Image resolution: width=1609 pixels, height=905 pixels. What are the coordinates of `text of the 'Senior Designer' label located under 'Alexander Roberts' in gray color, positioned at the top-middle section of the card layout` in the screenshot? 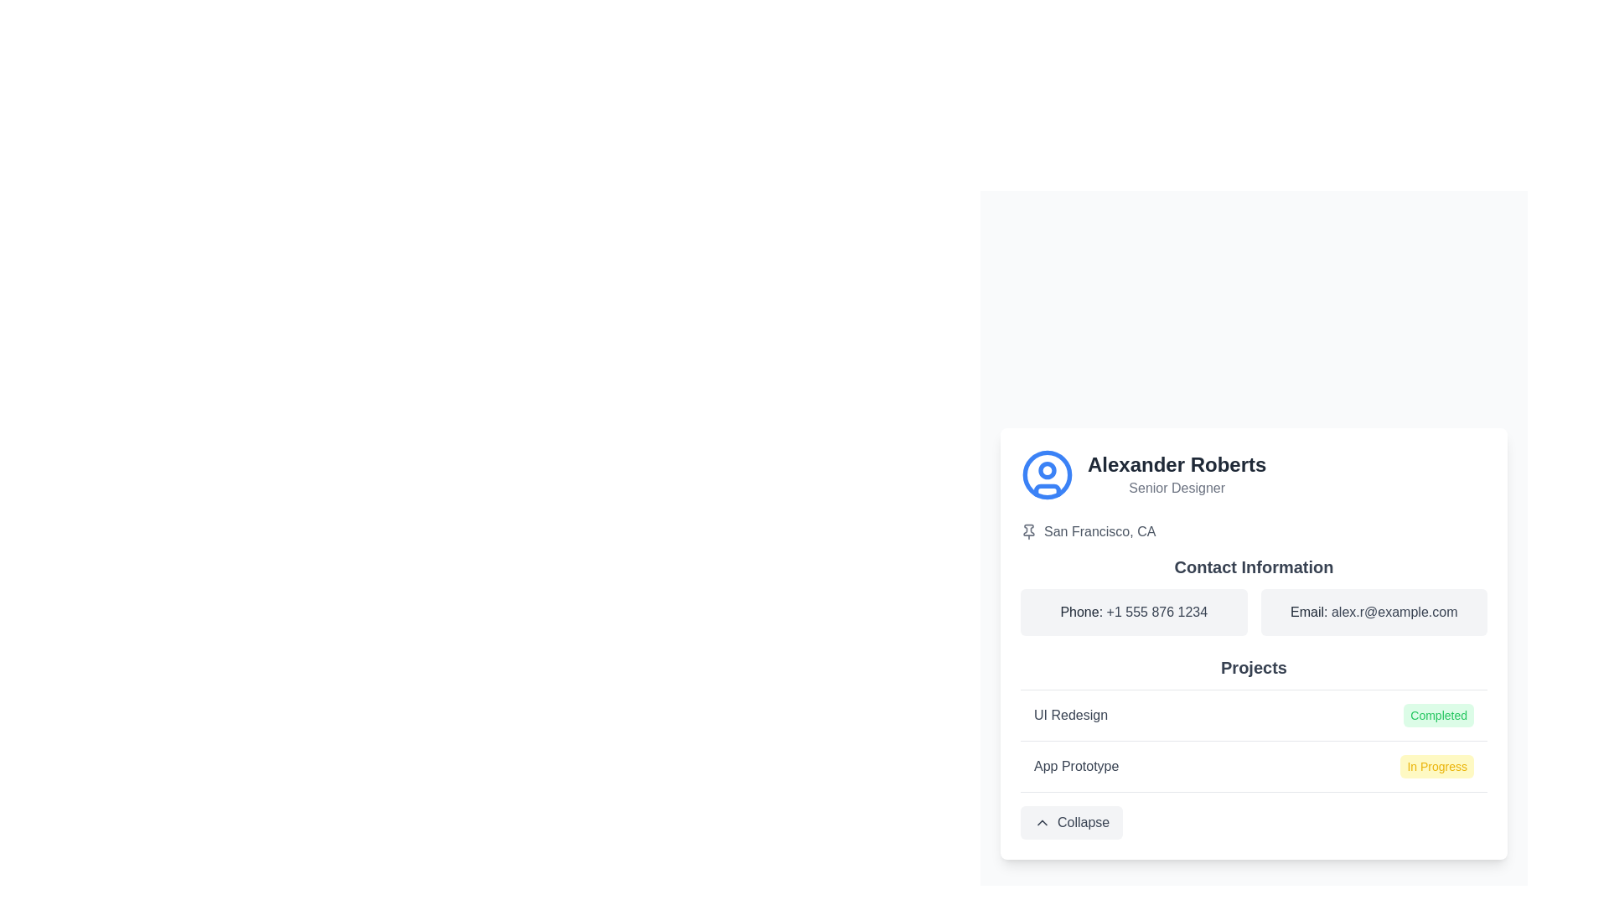 It's located at (1176, 488).